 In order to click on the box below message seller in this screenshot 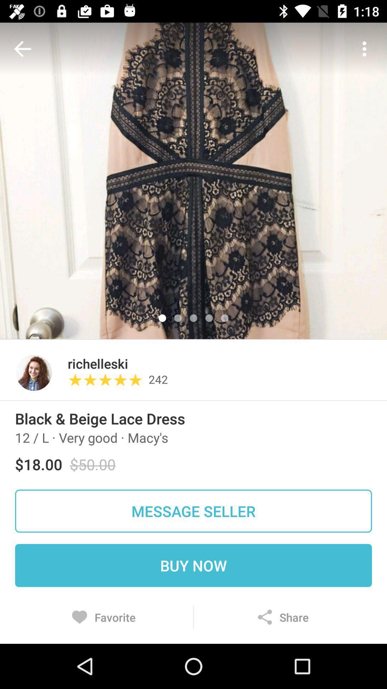, I will do `click(193, 565)`.